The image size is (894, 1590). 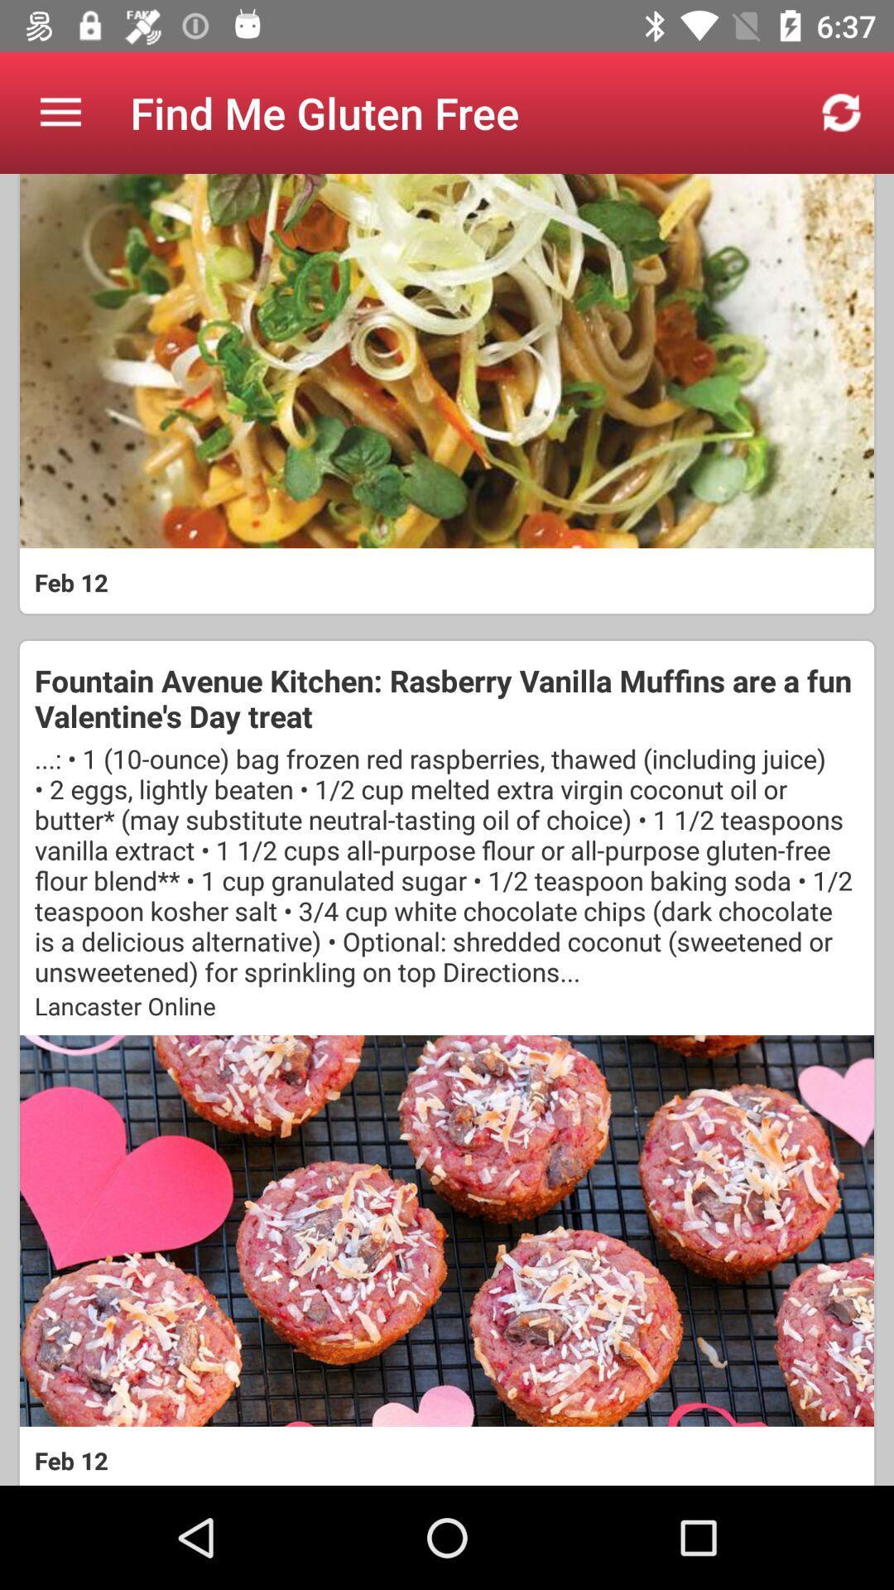 What do you see at coordinates (447, 864) in the screenshot?
I see `the icon below fountain avenue kitchen icon` at bounding box center [447, 864].